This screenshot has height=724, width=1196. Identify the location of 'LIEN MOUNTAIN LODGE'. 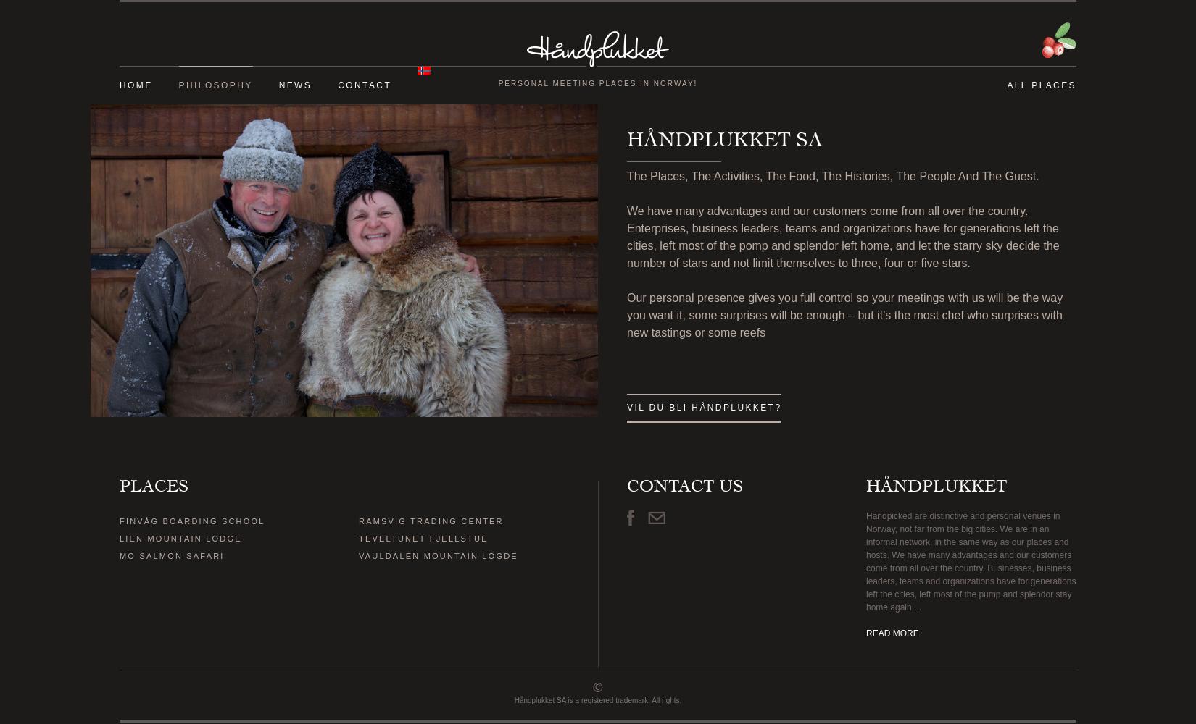
(180, 538).